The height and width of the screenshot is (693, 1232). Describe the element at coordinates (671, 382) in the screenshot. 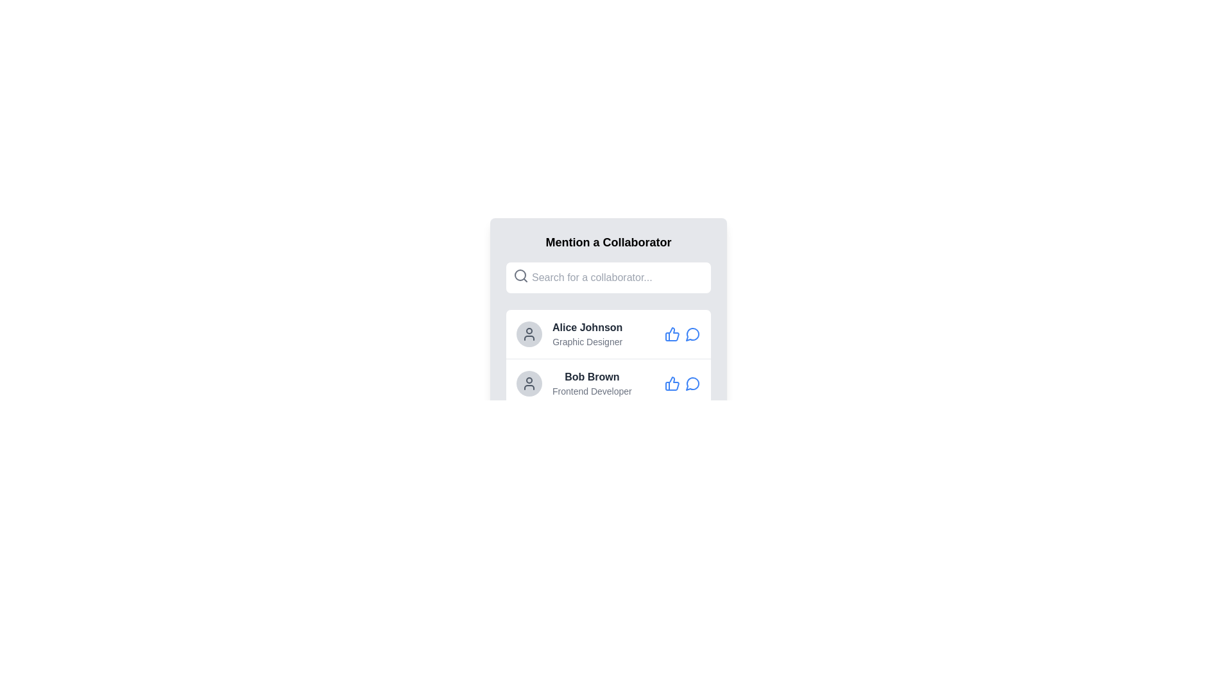

I see `the outlined blue thumbs-up icon located in the second user's row, aligned to the right side` at that location.